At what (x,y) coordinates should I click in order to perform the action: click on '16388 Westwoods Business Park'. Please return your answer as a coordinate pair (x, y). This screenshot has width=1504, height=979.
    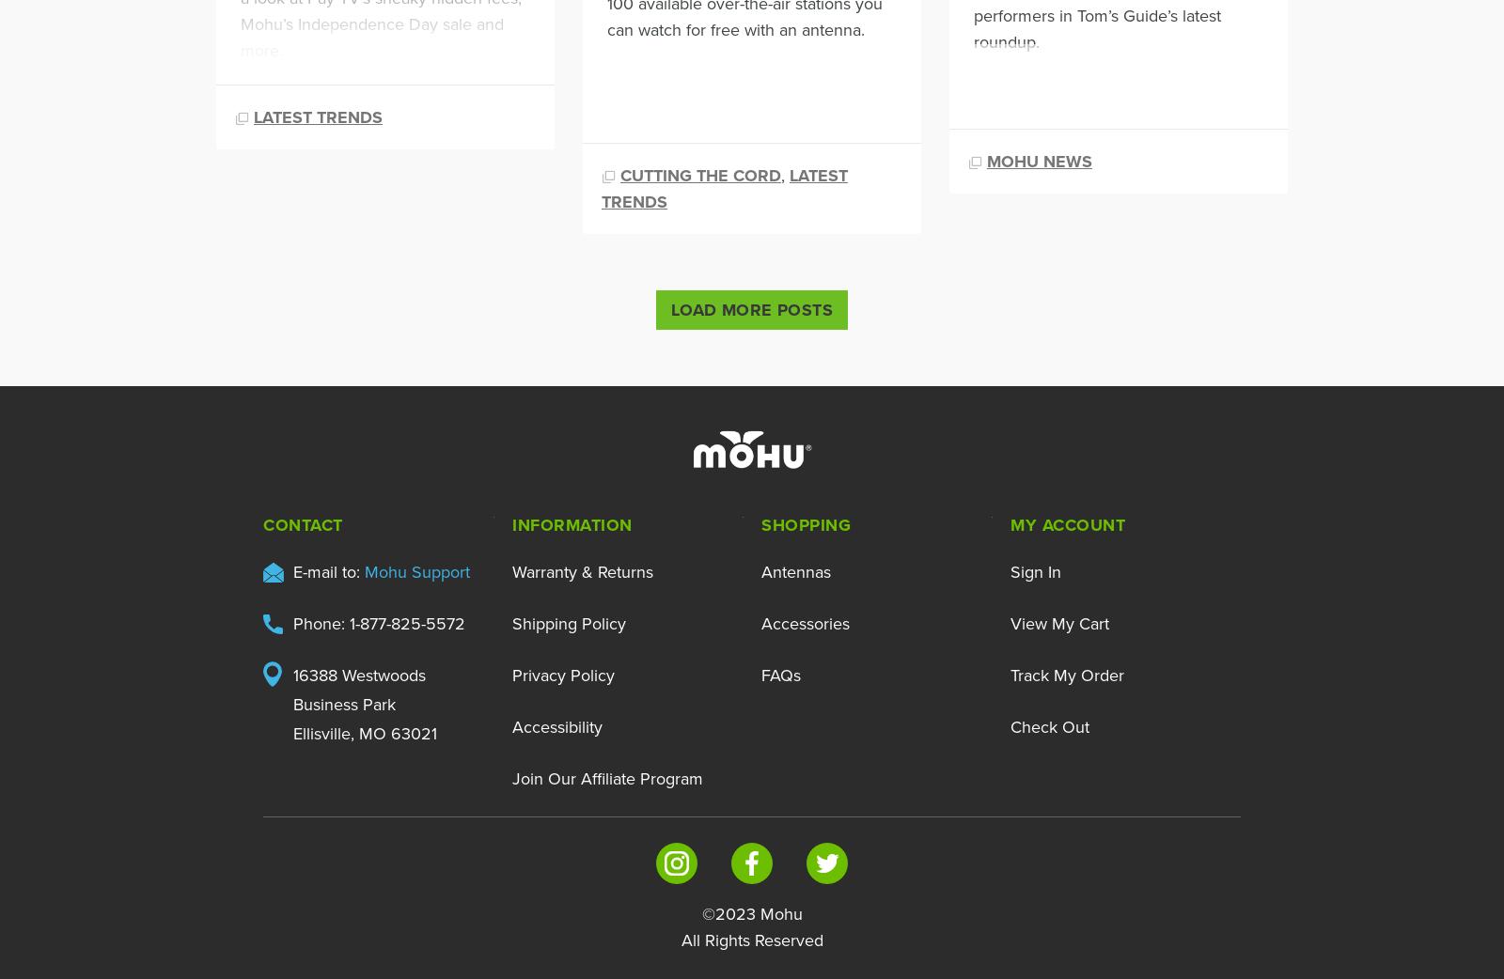
    Looking at the image, I should click on (359, 688).